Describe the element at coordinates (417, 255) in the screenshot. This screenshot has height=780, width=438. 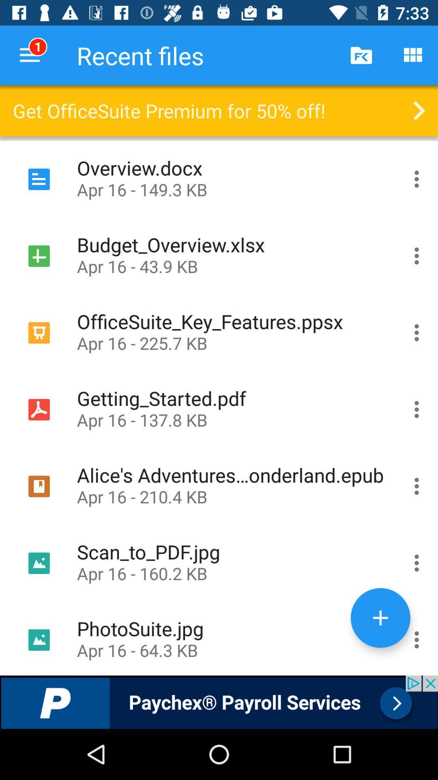
I see `open more options` at that location.